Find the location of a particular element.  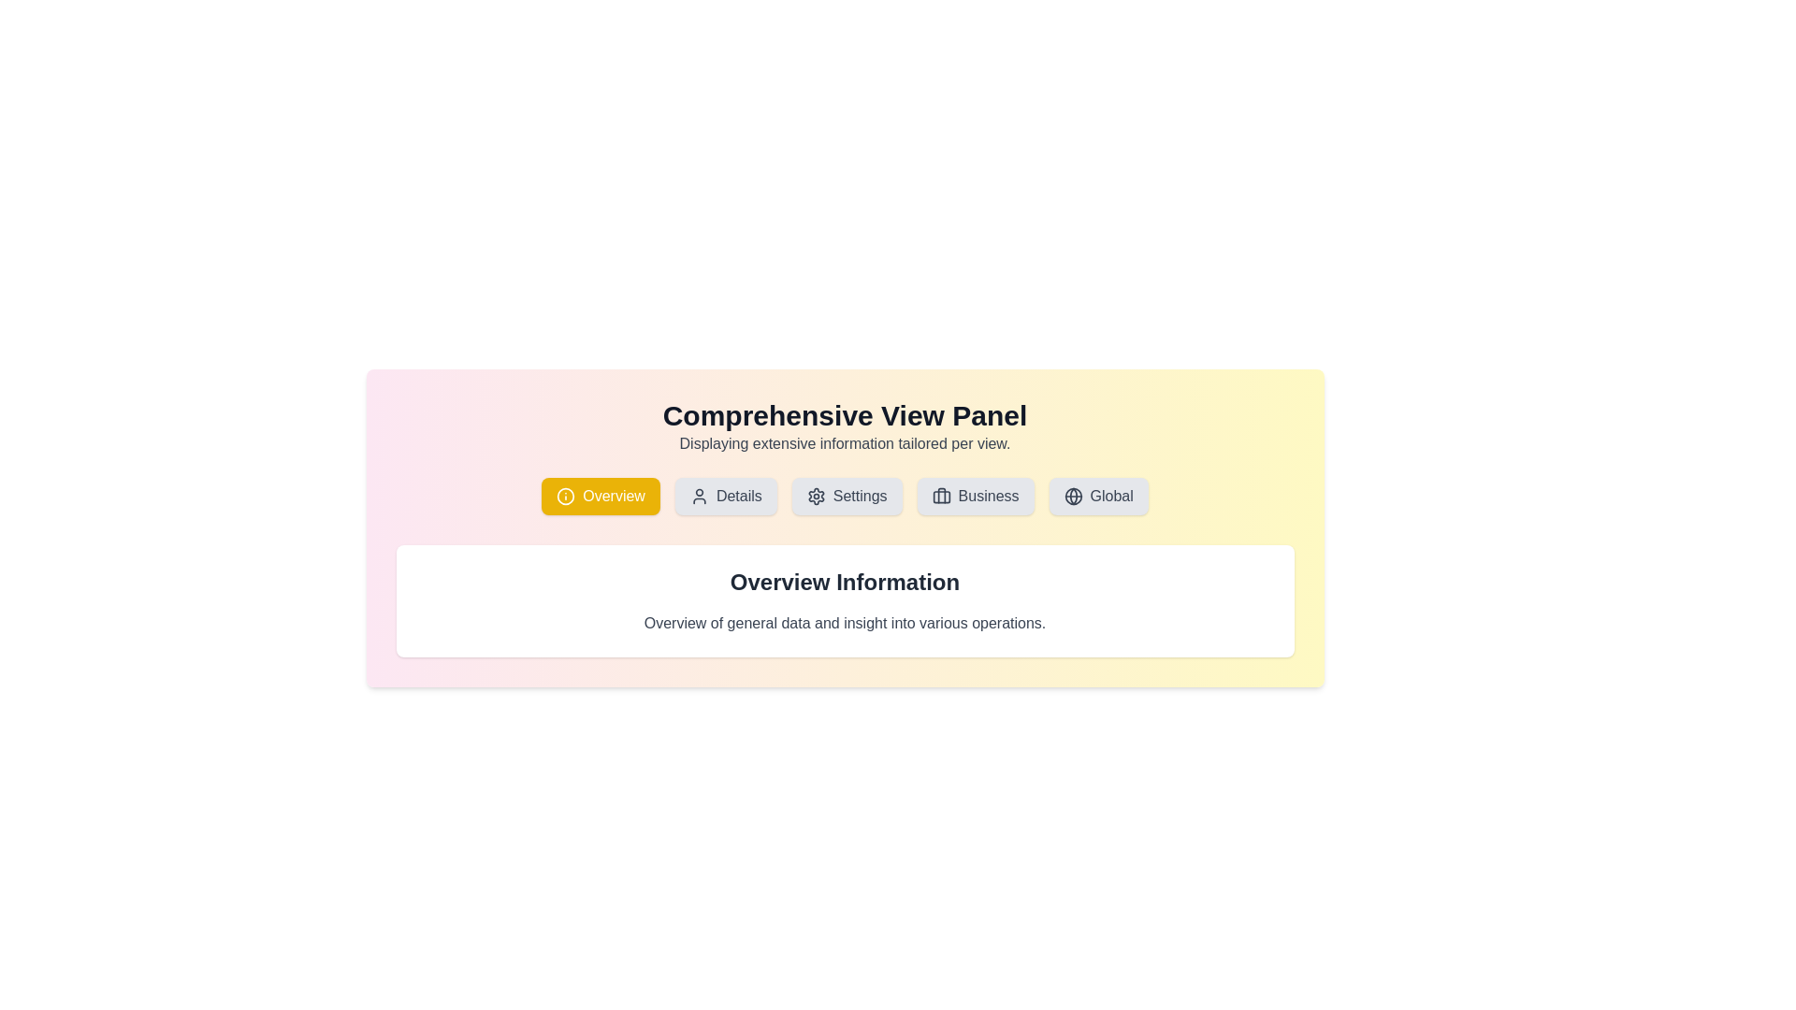

the navigation button labeled 'Overview' located in the top section of the interface is located at coordinates (601, 496).